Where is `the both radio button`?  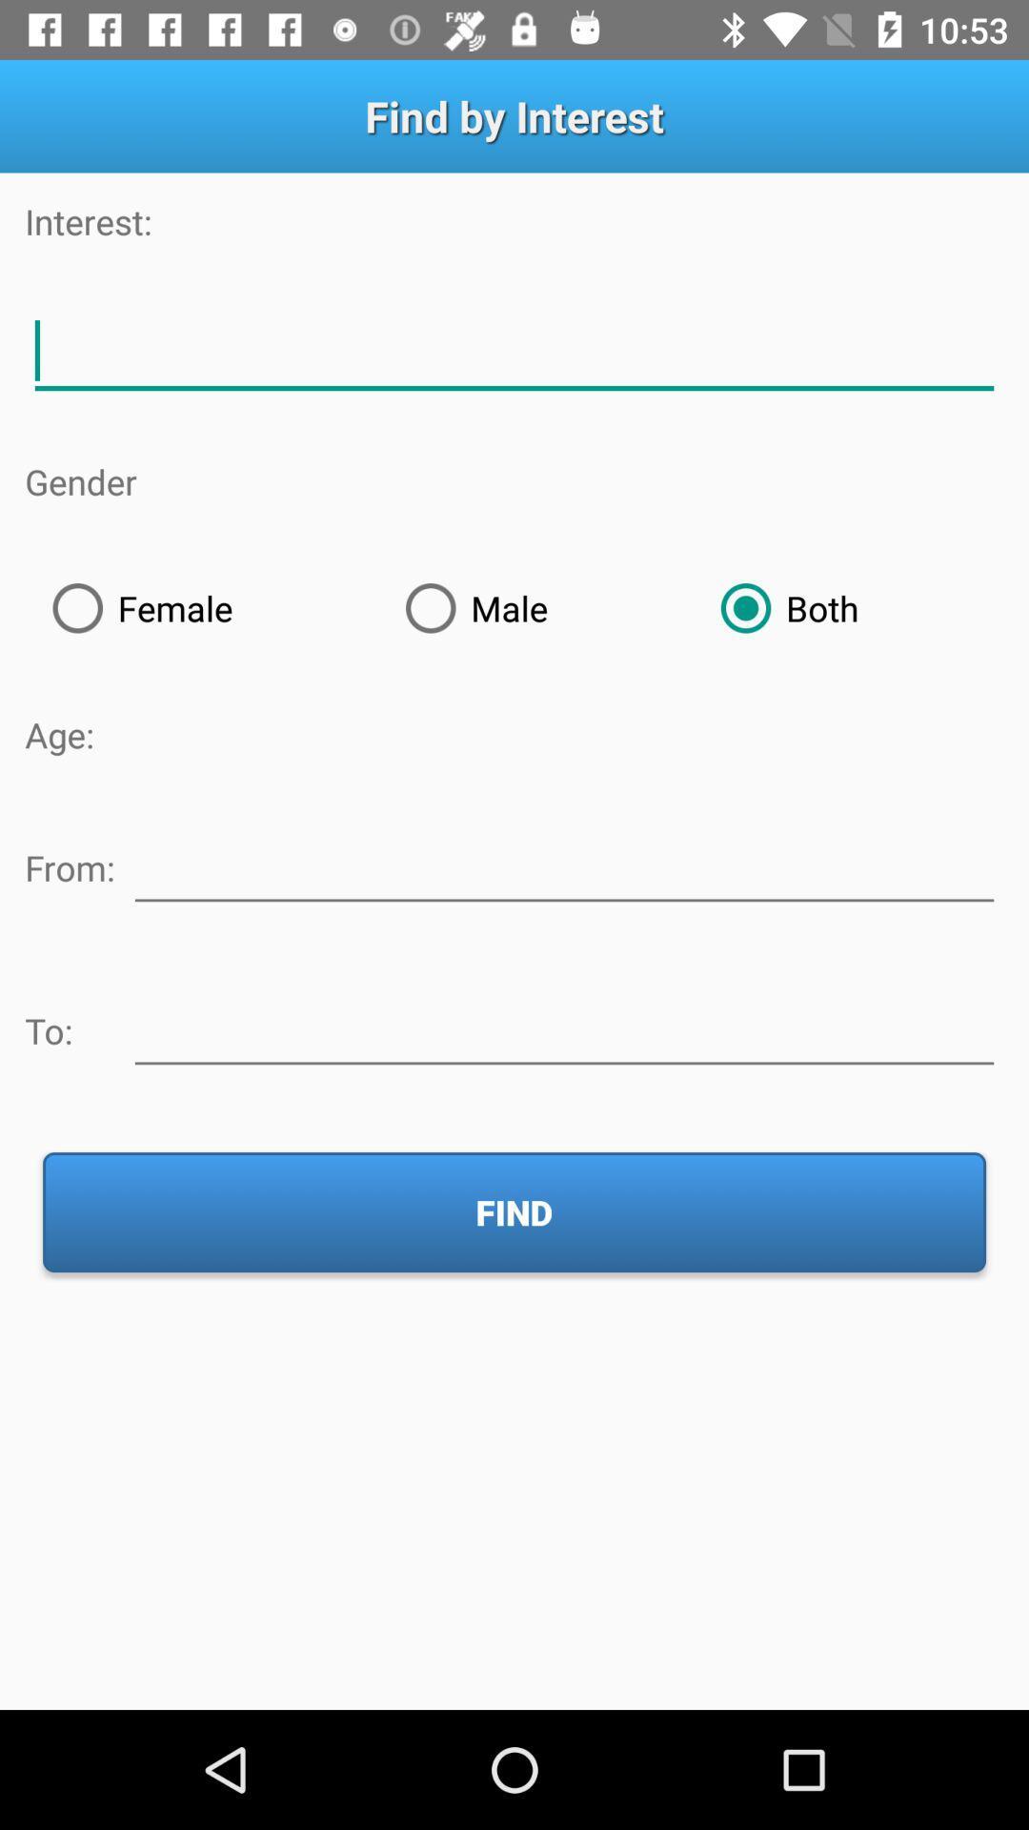
the both radio button is located at coordinates (847, 607).